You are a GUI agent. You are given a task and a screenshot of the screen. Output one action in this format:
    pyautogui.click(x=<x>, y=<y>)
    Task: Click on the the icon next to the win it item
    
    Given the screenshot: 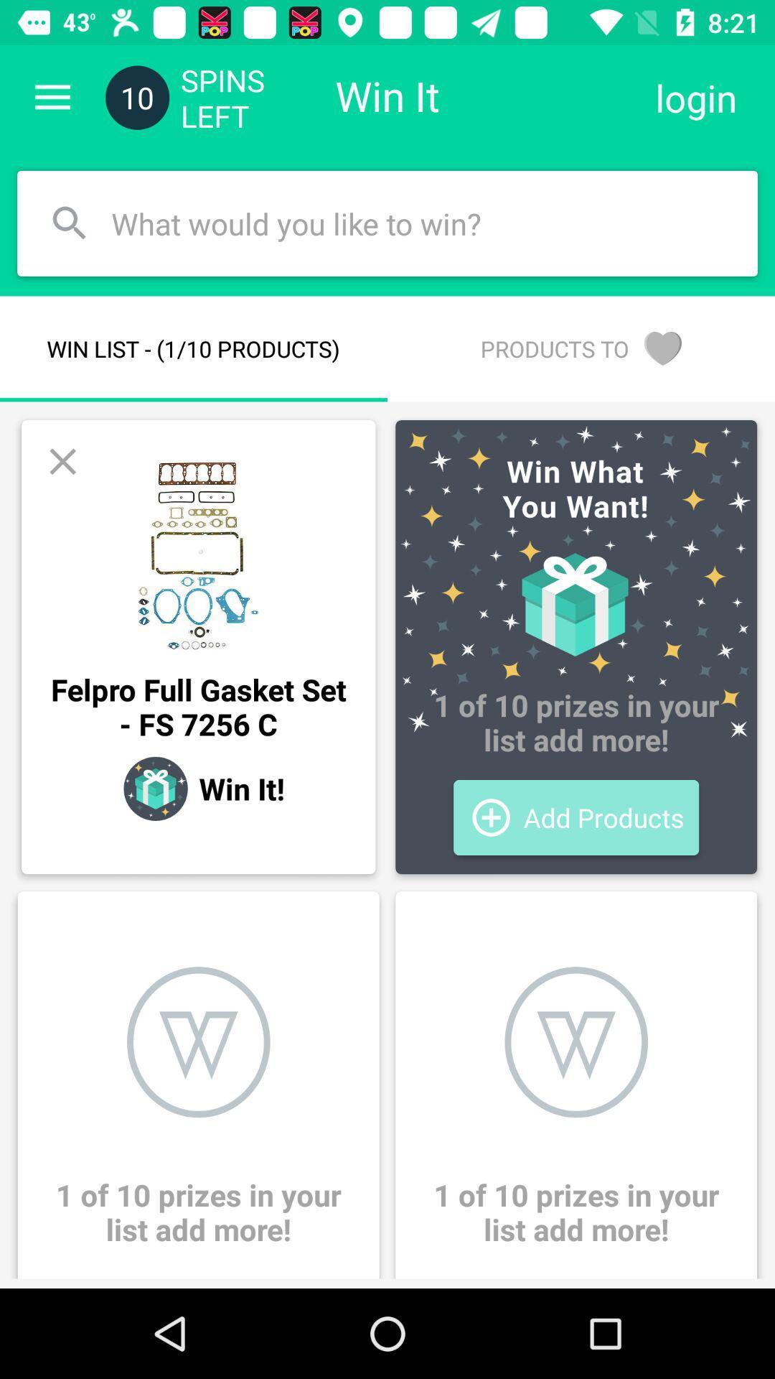 What is the action you would take?
    pyautogui.click(x=695, y=97)
    